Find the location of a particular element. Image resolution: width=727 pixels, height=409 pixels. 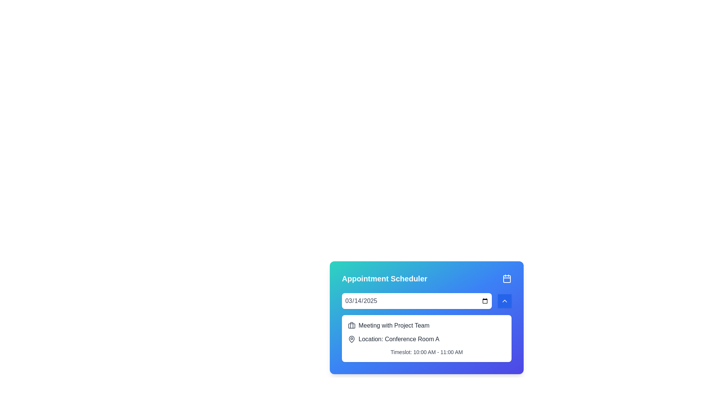

the calendar icon button with a white outline located at the right end of the 'Appointment Scheduler' header is located at coordinates (507, 279).